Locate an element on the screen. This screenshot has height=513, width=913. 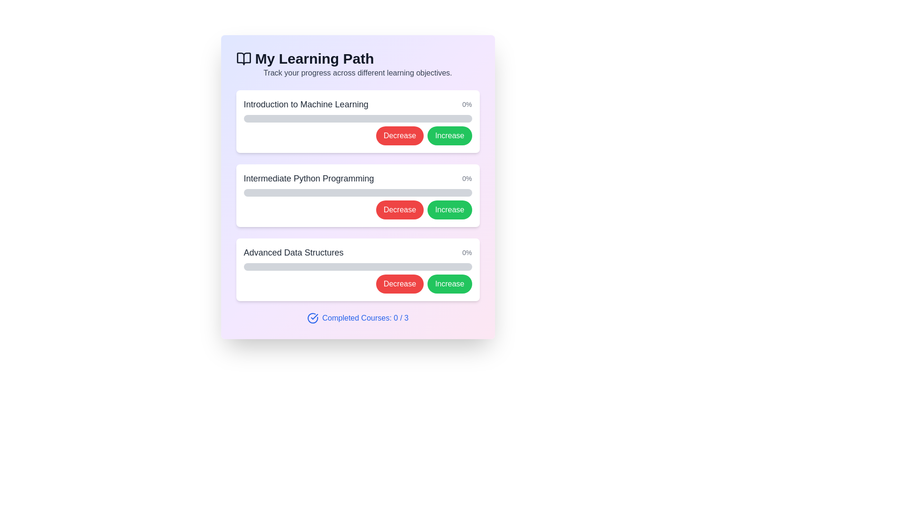
the button that decrements the value in the 'Advanced Data Structures' section is located at coordinates (399, 283).